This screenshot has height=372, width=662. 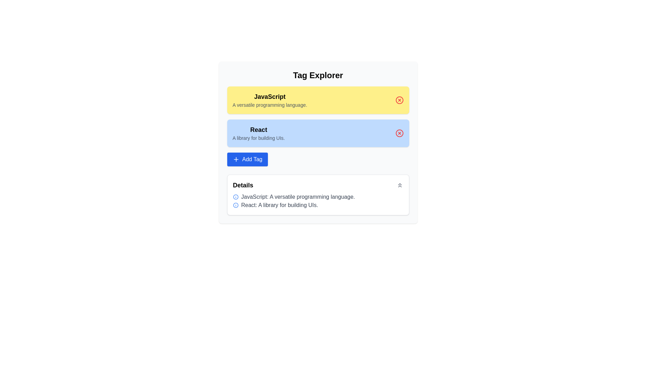 I want to click on the circular frame of the 'X' icon within the blue-colored 'React' tag in the 'Tag Explorer' section, so click(x=399, y=133).